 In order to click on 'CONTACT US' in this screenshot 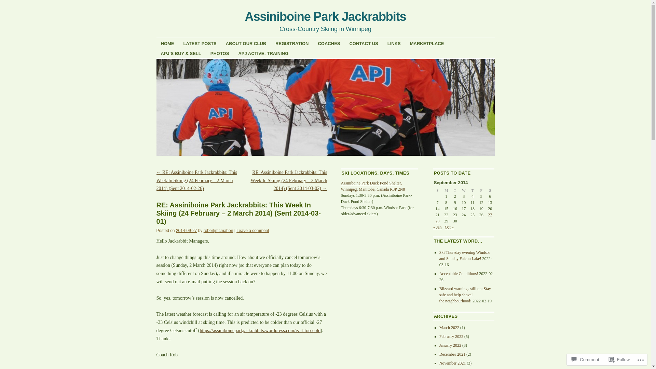, I will do `click(363, 43)`.